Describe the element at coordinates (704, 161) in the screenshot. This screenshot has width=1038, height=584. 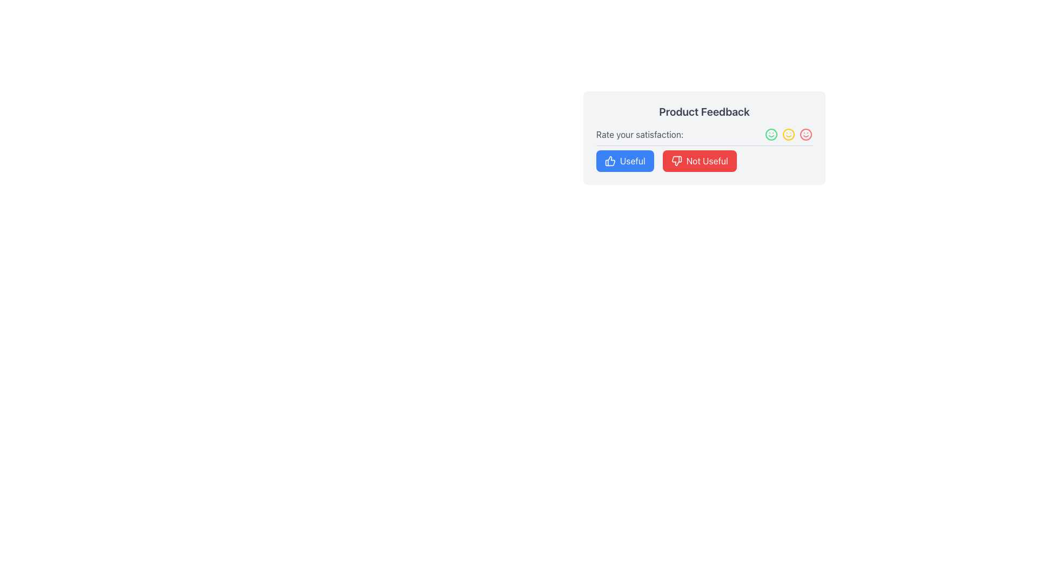
I see `the 'Not Useful' button, which is part of a grouped set of feedback buttons styled with a red background and thumbs-down icon, located beneath the 'Rate your satisfaction:' section` at that location.